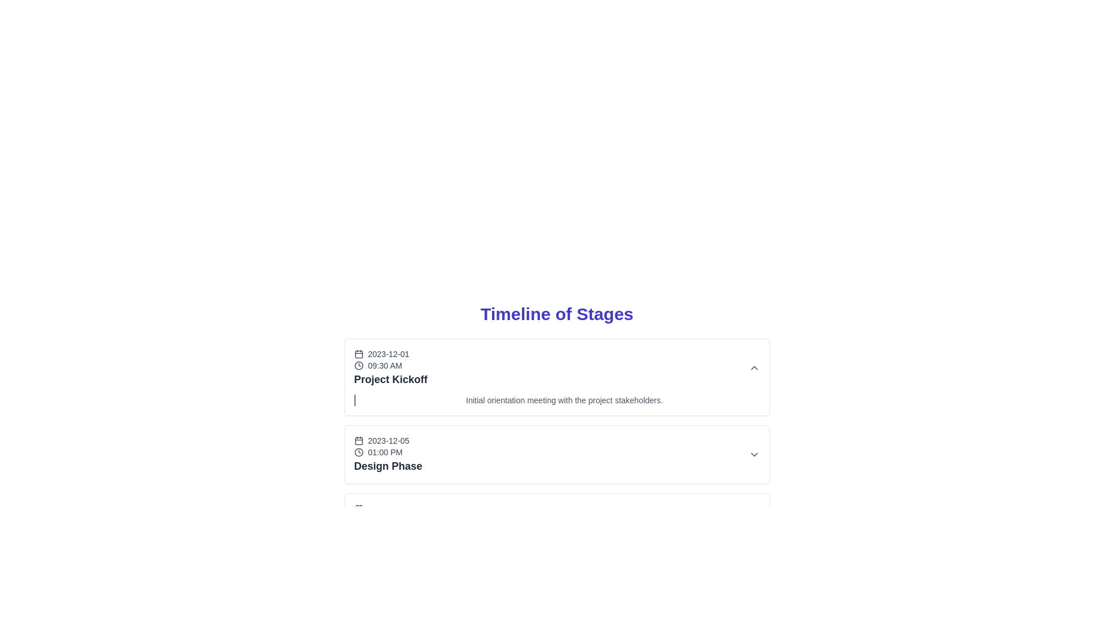  What do you see at coordinates (754, 367) in the screenshot?
I see `the upward-pointing chevron toggle icon located to the right of the text '2023-12-01 09:30 AM Project Kickoff'` at bounding box center [754, 367].